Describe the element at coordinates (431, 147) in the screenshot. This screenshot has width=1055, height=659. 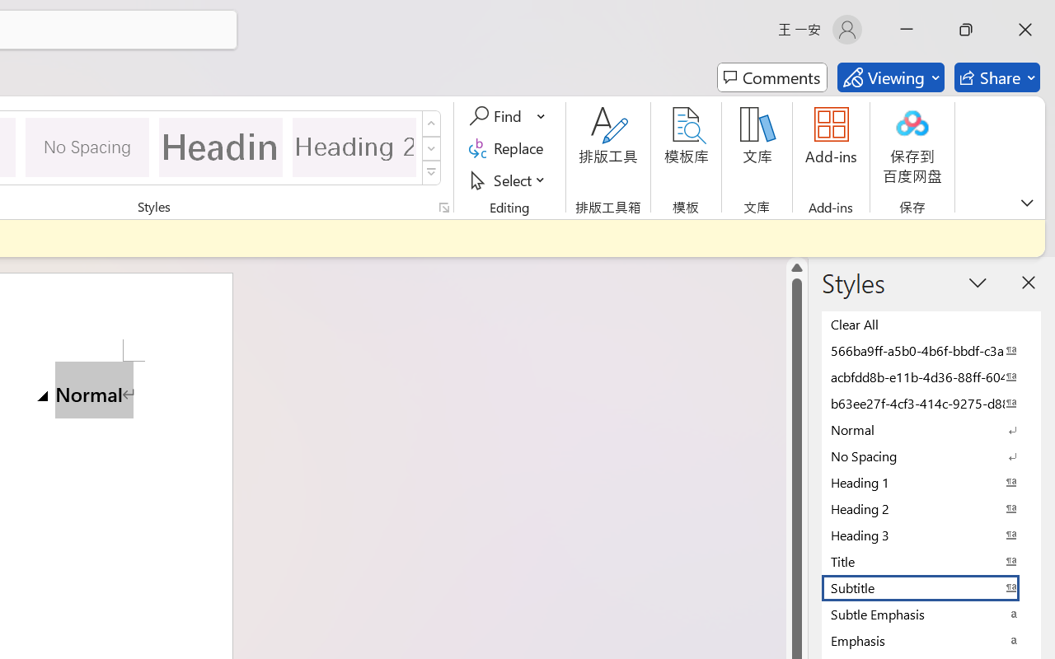
I see `'Row Down'` at that location.